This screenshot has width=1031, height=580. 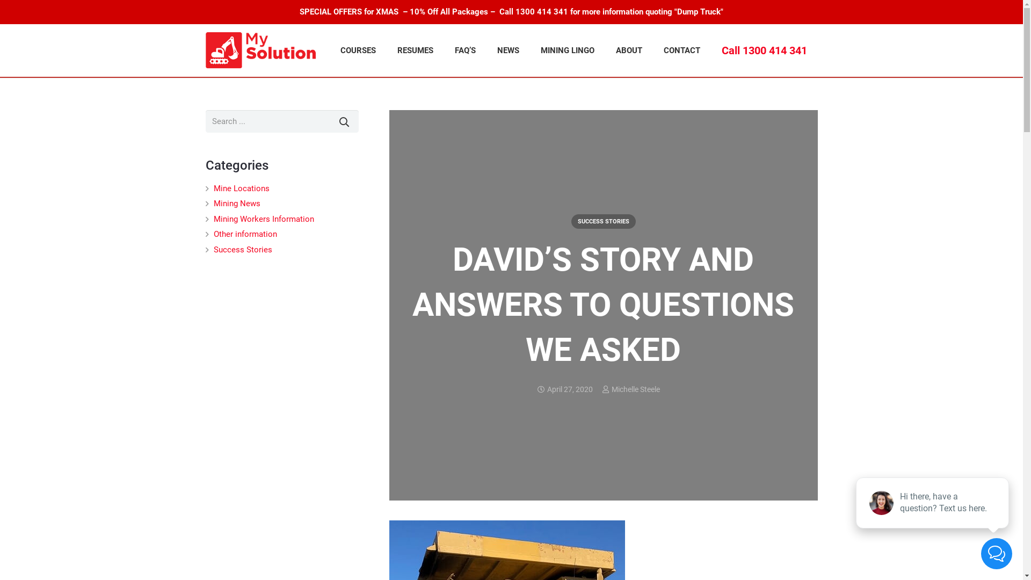 What do you see at coordinates (214, 250) in the screenshot?
I see `'Success Stories'` at bounding box center [214, 250].